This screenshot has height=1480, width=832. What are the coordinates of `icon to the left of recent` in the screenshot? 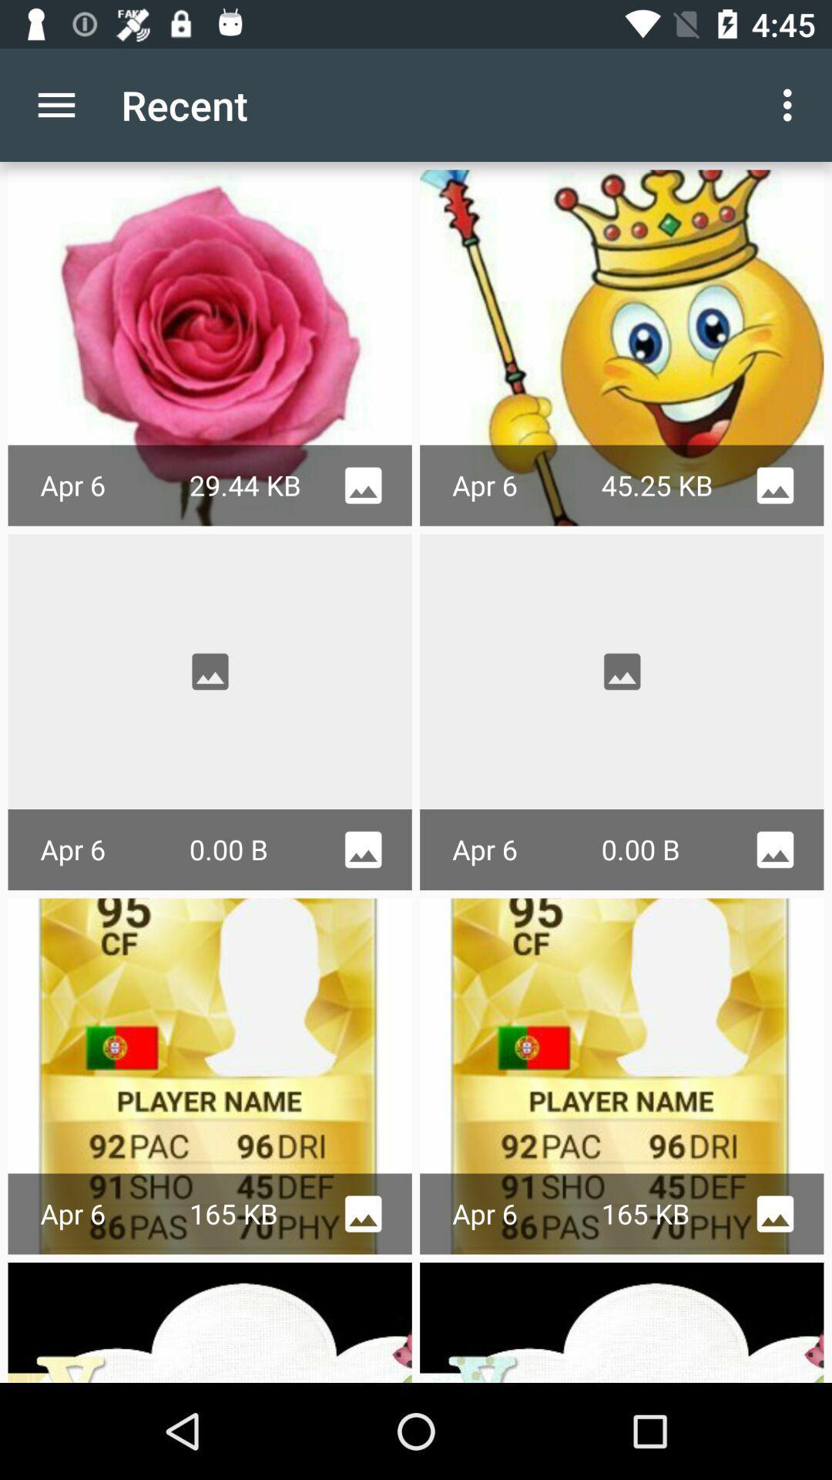 It's located at (55, 104).